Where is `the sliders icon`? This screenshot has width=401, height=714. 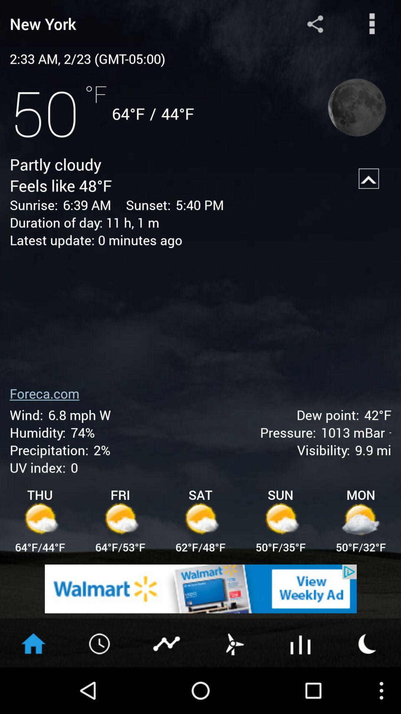
the sliders icon is located at coordinates (301, 688).